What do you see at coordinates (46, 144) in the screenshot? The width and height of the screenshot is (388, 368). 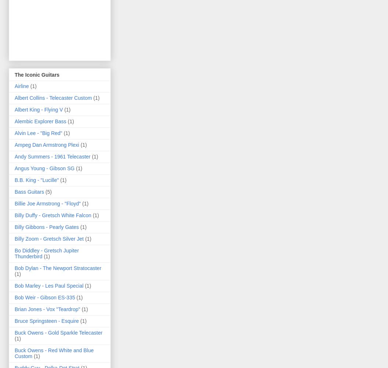 I see `'Ampeg Dan Armstrong Plexi'` at bounding box center [46, 144].